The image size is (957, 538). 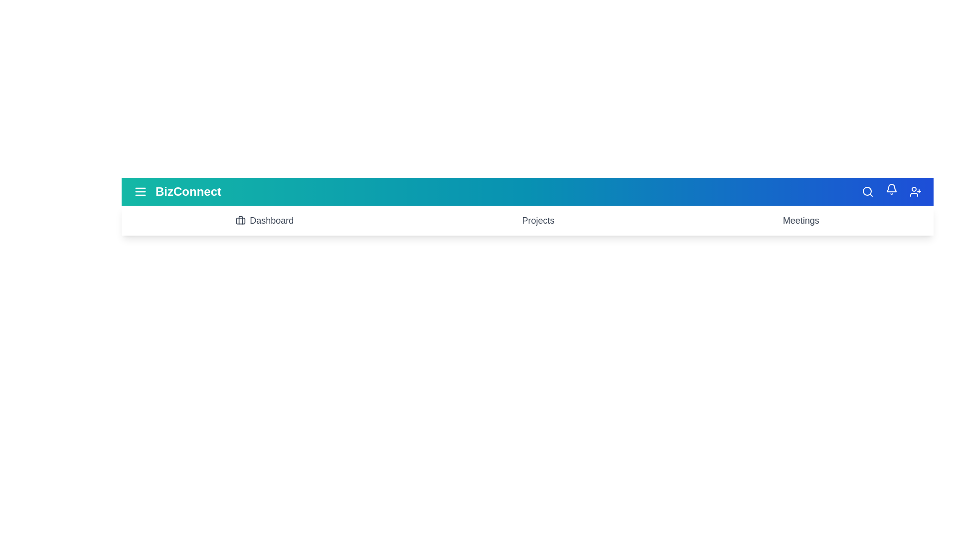 I want to click on the 'Search' icon to initiate a search action, so click(x=867, y=192).